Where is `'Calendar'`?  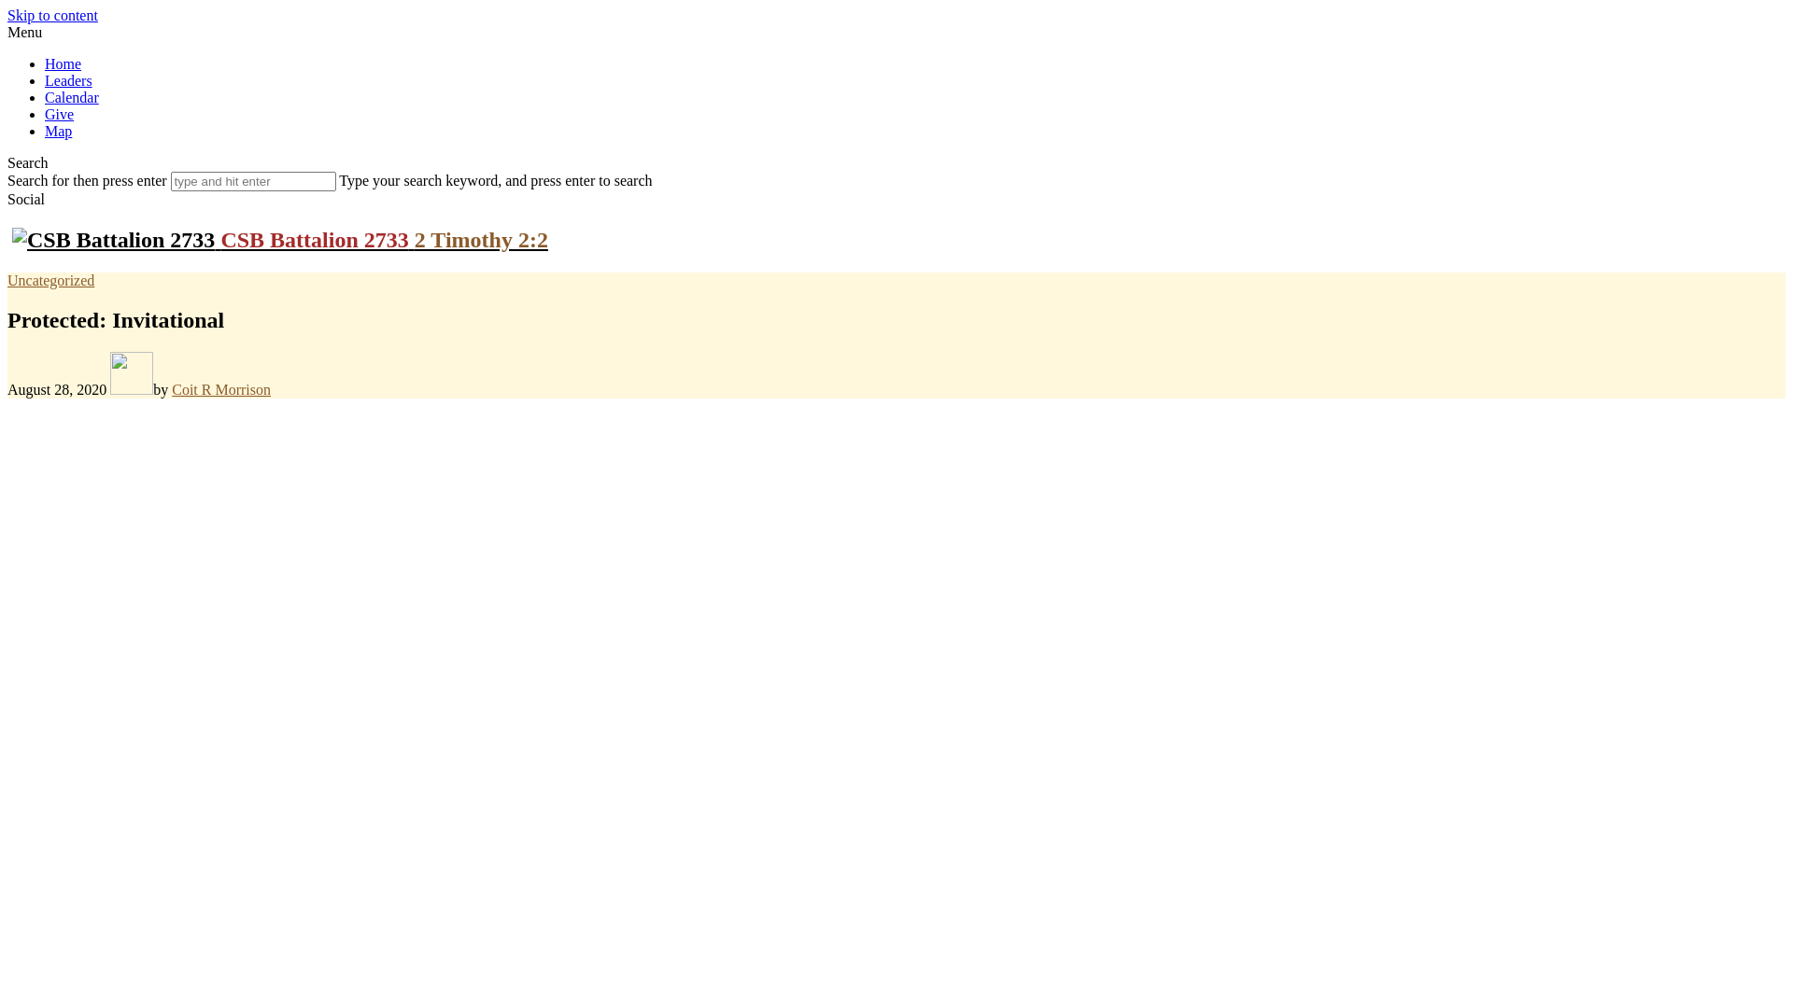 'Calendar' is located at coordinates (71, 97).